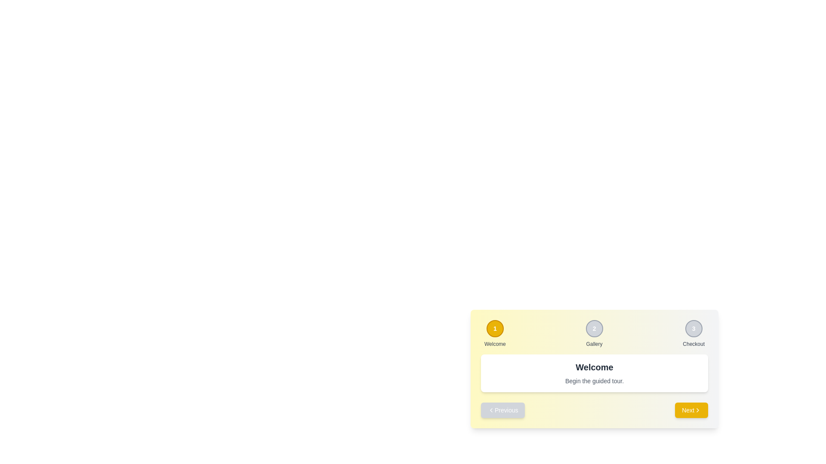 This screenshot has width=826, height=464. What do you see at coordinates (693, 344) in the screenshot?
I see `the 'Checkout' text label, which is a small, gray-colored label located below the circular marker labeled '3', on the right side of the user interface` at bounding box center [693, 344].